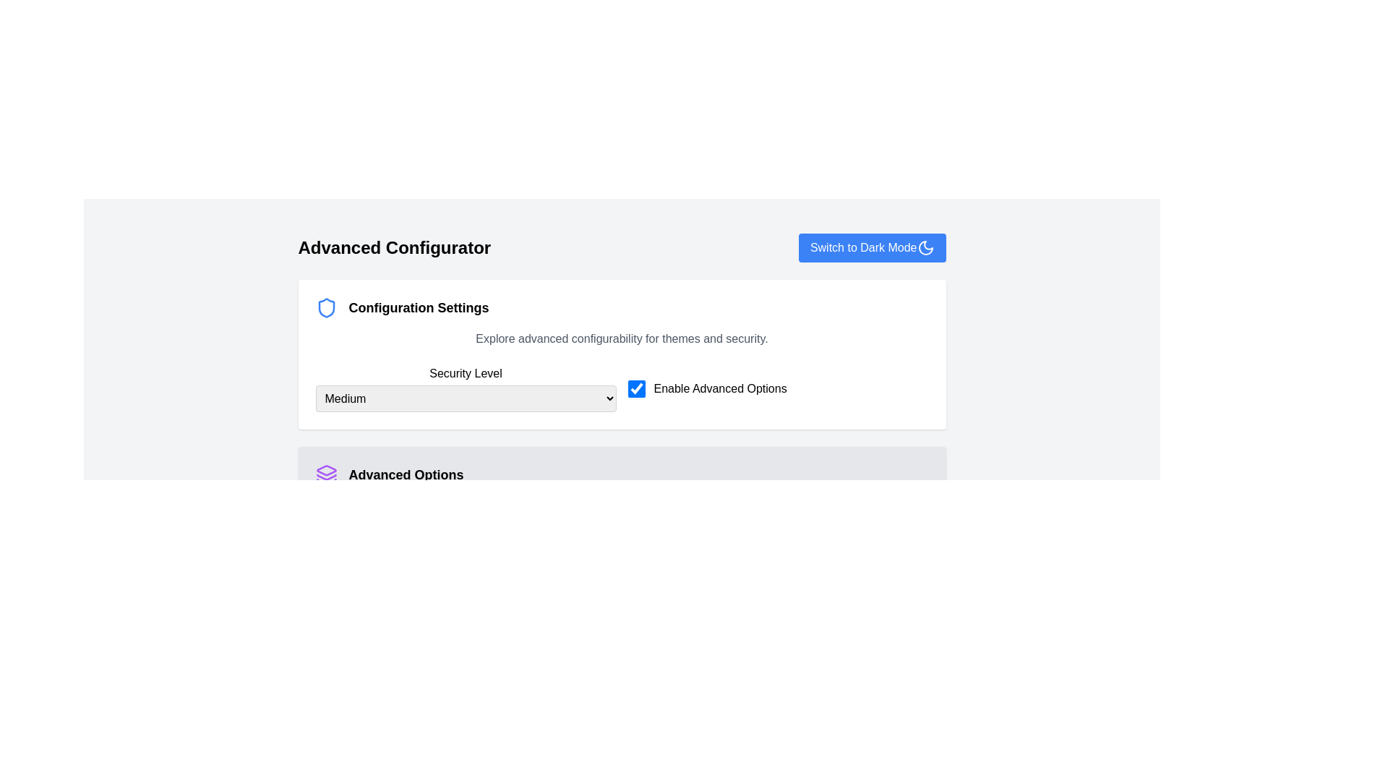 This screenshot has width=1388, height=781. Describe the element at coordinates (636, 388) in the screenshot. I see `the blue square-shaped checkbox with a white checkmark` at that location.